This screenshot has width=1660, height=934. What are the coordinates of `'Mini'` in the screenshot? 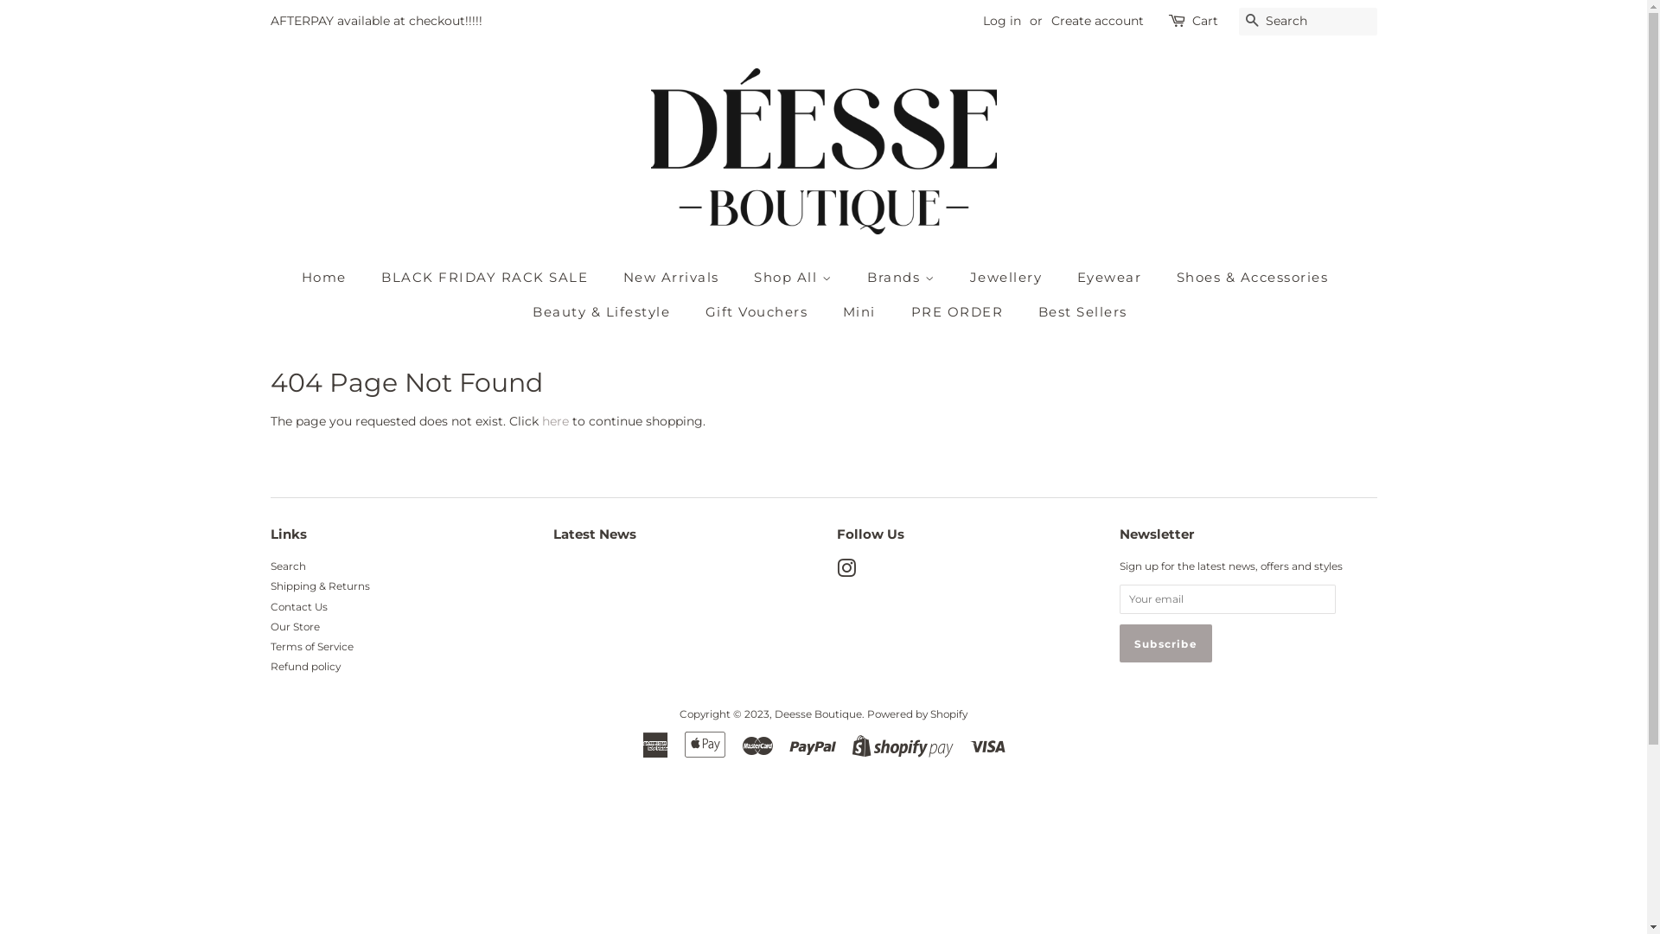 It's located at (861, 312).